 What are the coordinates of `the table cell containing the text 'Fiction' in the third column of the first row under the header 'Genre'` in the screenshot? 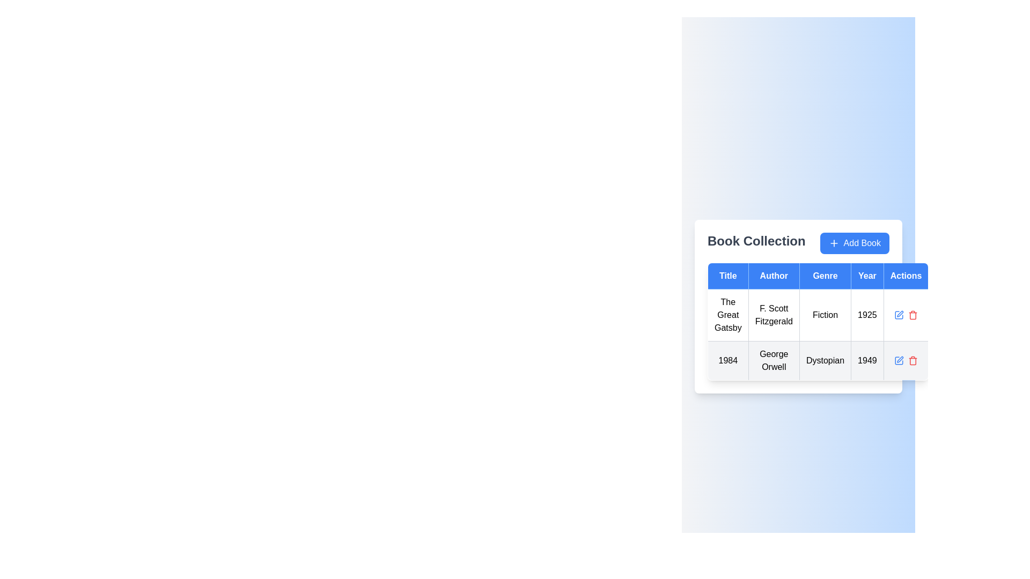 It's located at (825, 314).